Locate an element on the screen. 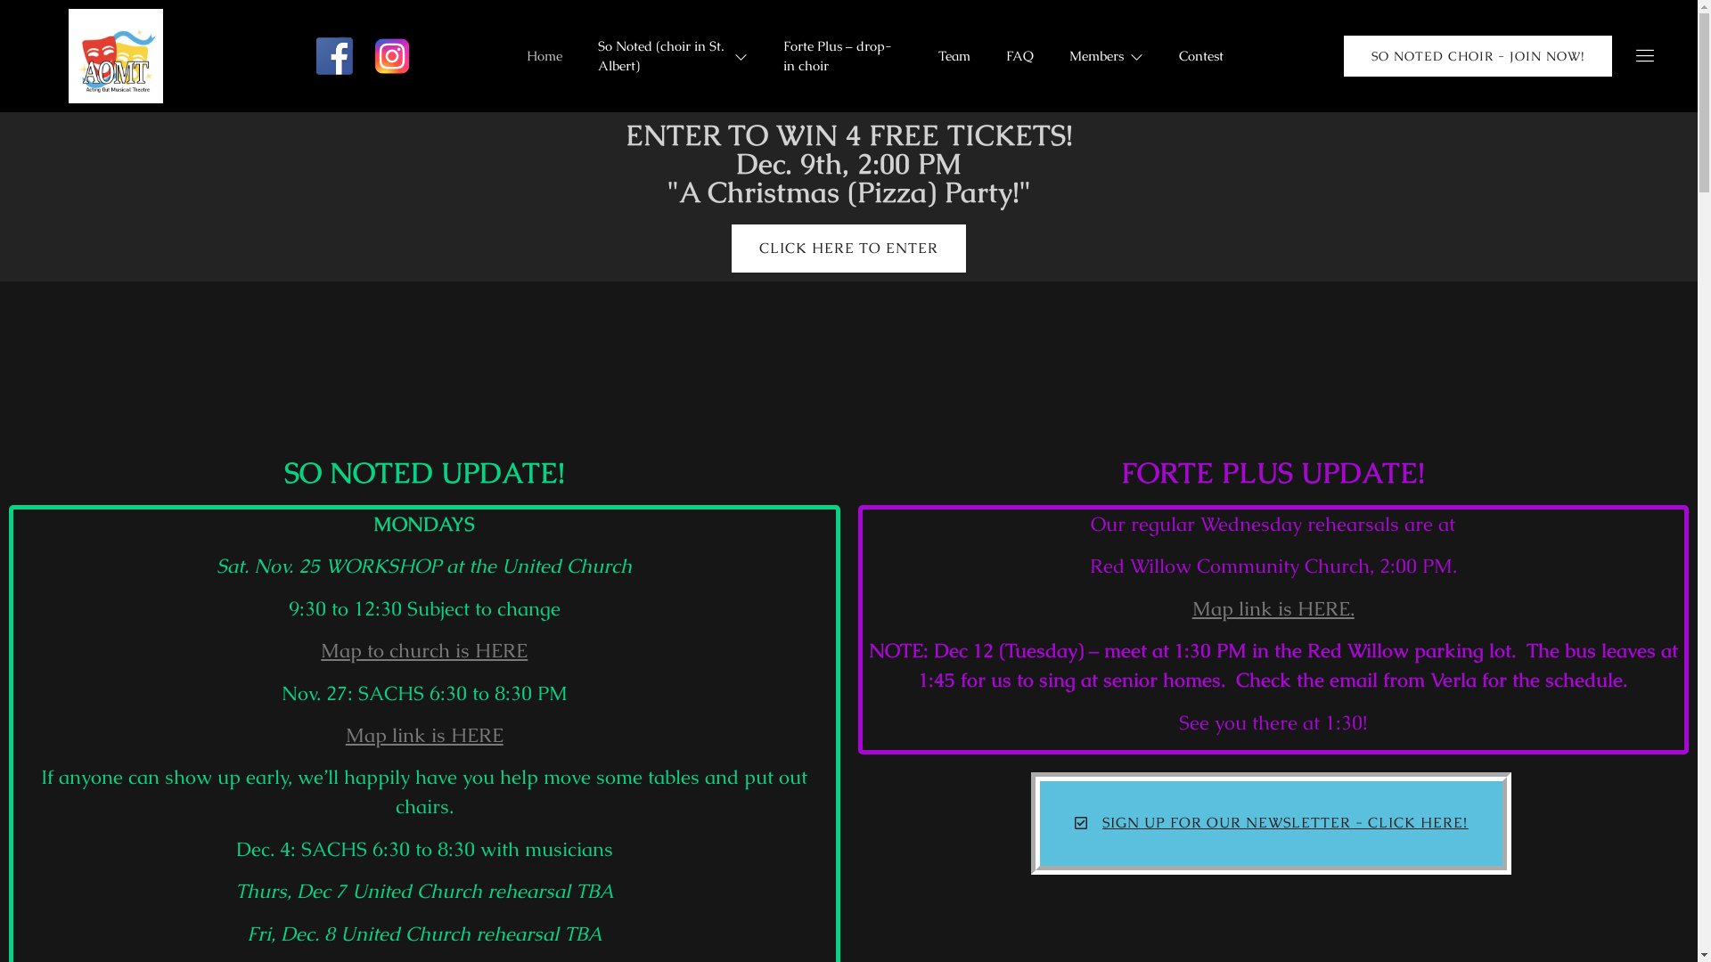  'Map link is HERE' is located at coordinates (346, 735).